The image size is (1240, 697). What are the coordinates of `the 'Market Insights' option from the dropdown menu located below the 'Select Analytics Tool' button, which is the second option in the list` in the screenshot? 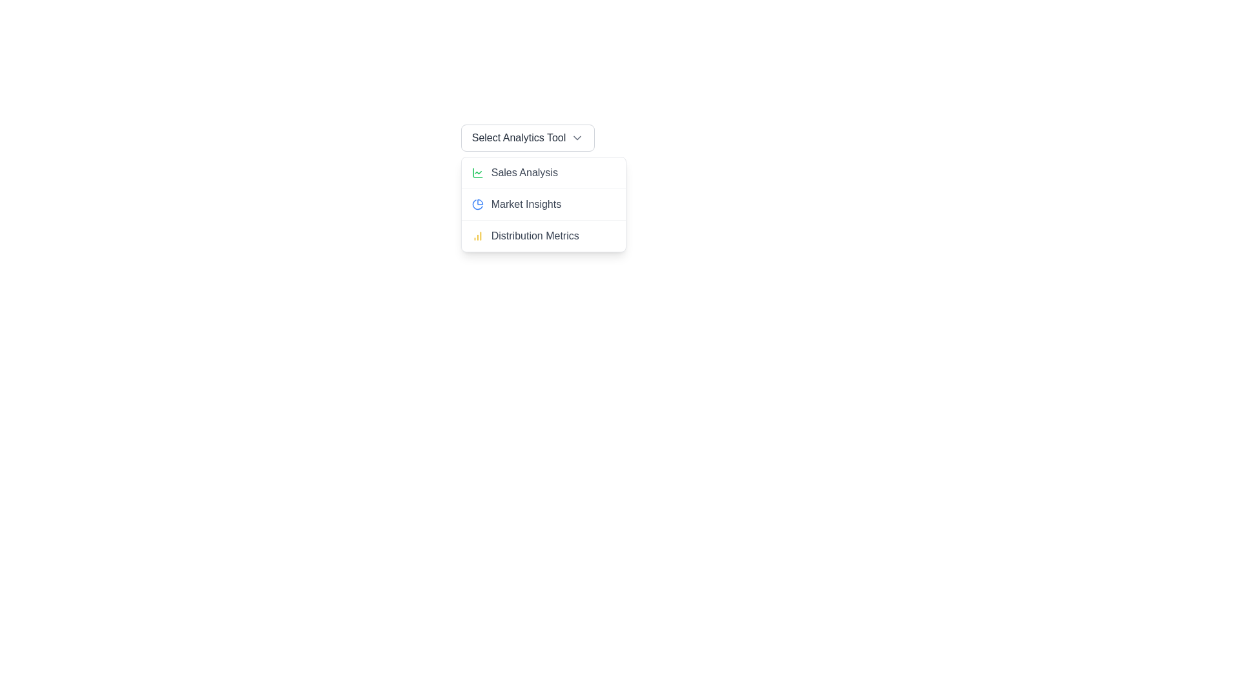 It's located at (543, 203).